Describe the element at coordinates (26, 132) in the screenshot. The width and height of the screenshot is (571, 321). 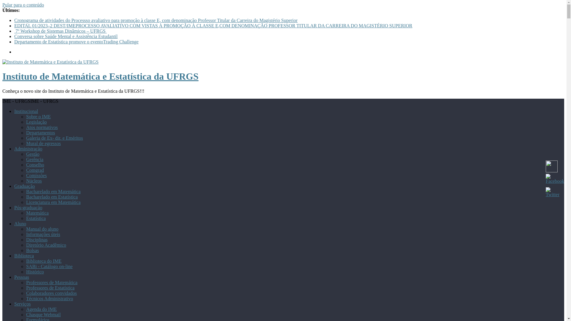
I see `'Departamentos'` at that location.